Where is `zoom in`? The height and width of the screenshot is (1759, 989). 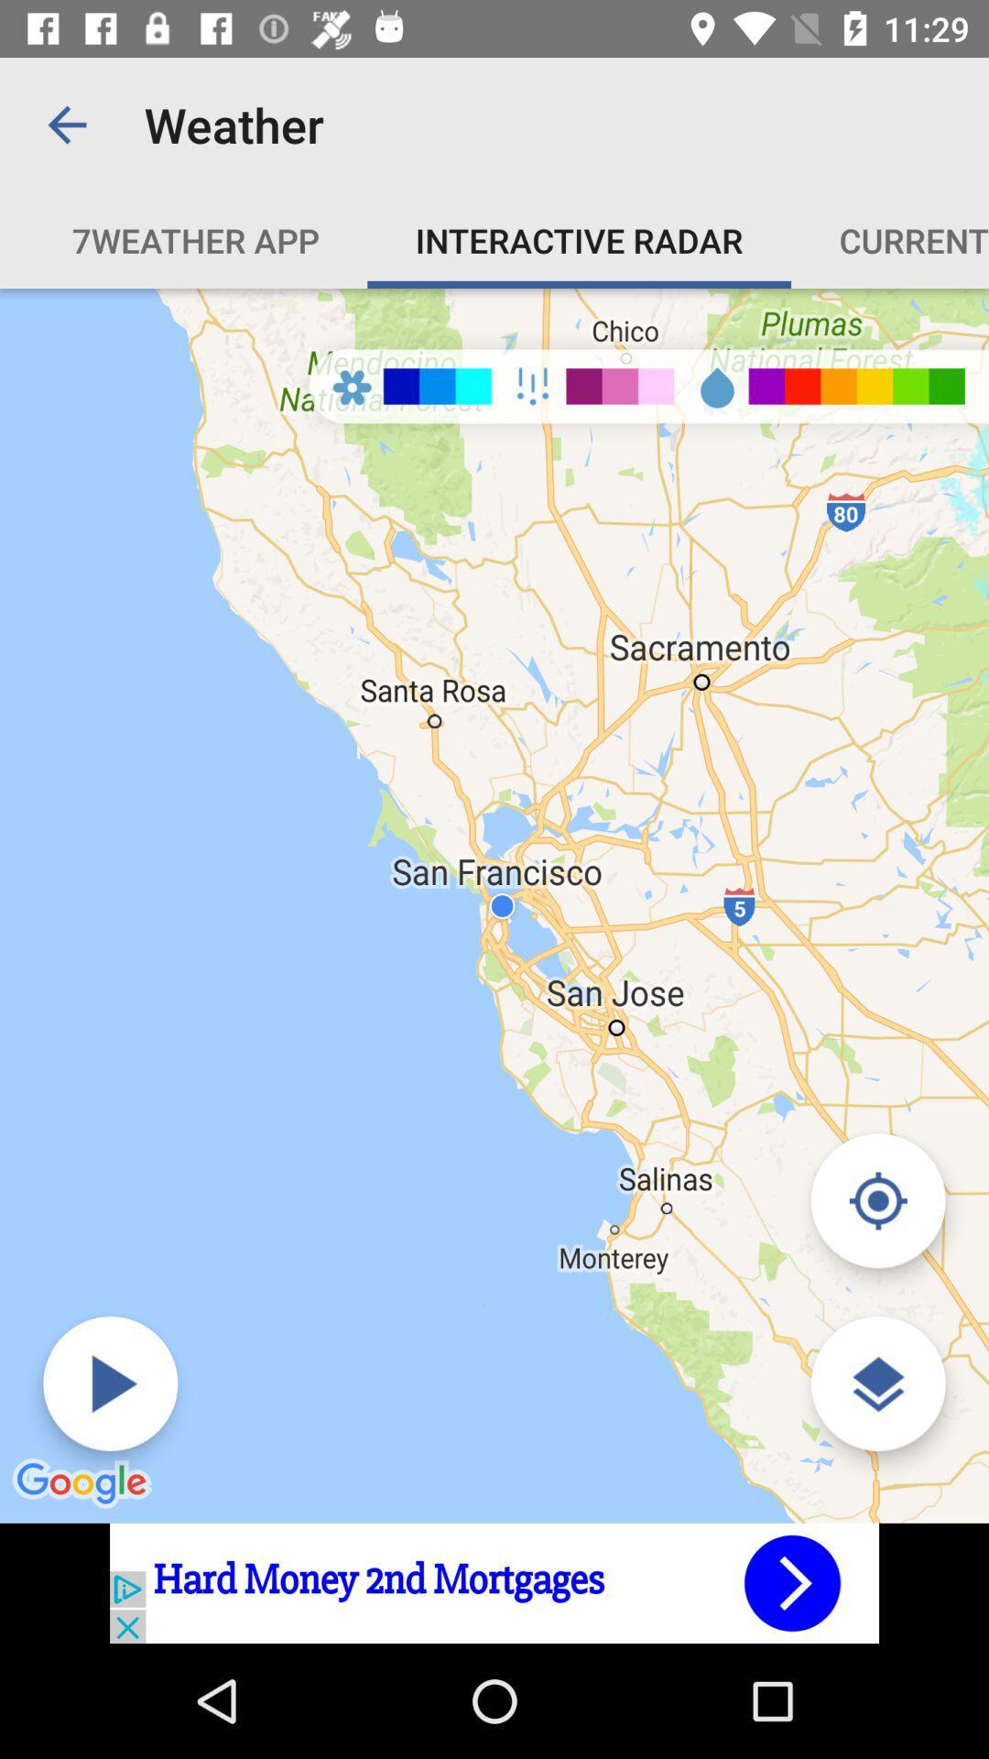
zoom in is located at coordinates (877, 1383).